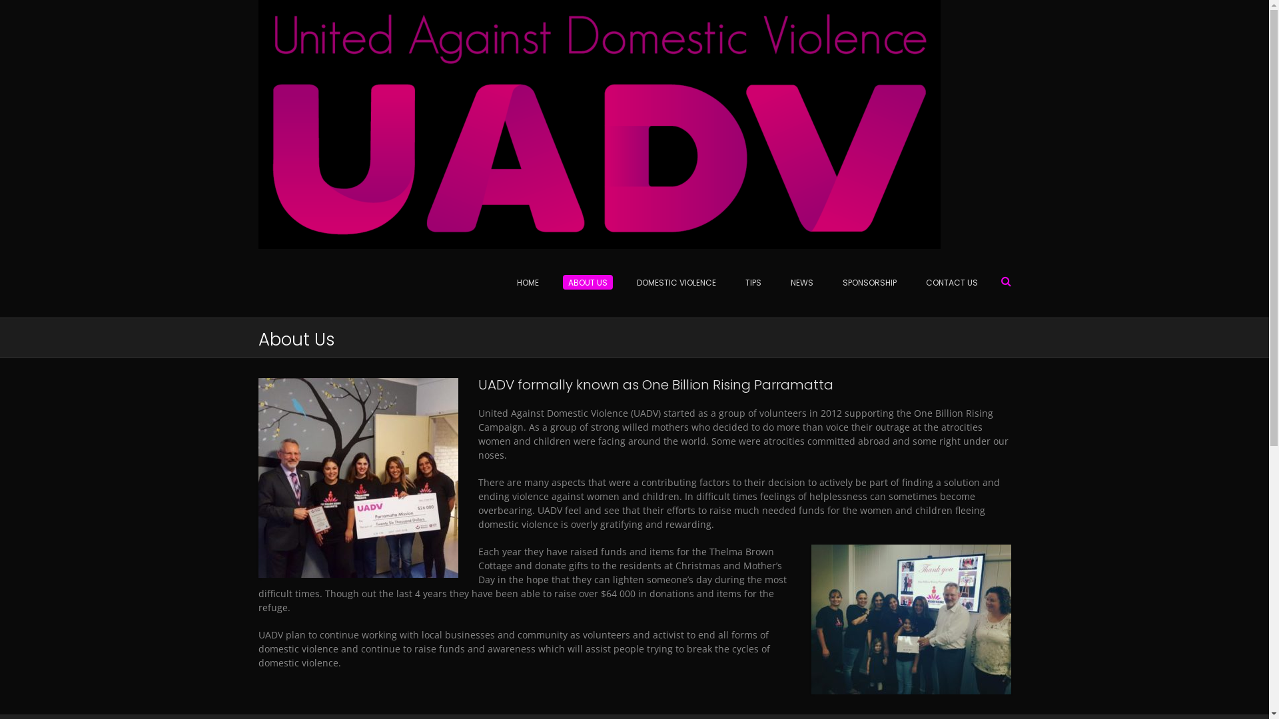 This screenshot has width=1279, height=719. I want to click on 'CONTACT US', so click(911, 282).